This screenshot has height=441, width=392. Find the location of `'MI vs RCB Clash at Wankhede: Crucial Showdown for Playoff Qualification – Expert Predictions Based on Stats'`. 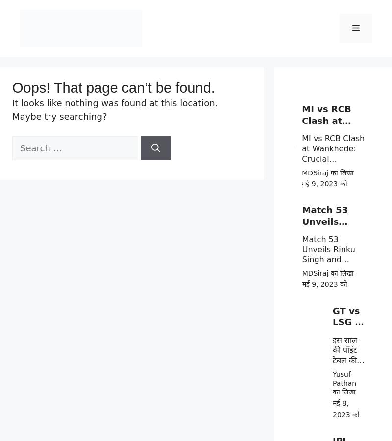

'MI vs RCB Clash at Wankhede: Crucial Showdown for Playoff Qualification – Expert Predictions Based on Stats' is located at coordinates (333, 166).